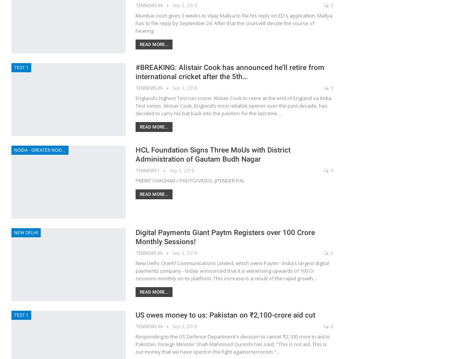 This screenshot has height=359, width=457. I want to click on 'PRERIT CHAUHAN / PHOTO/VIDEO- JITENDER PAL', so click(189, 181).